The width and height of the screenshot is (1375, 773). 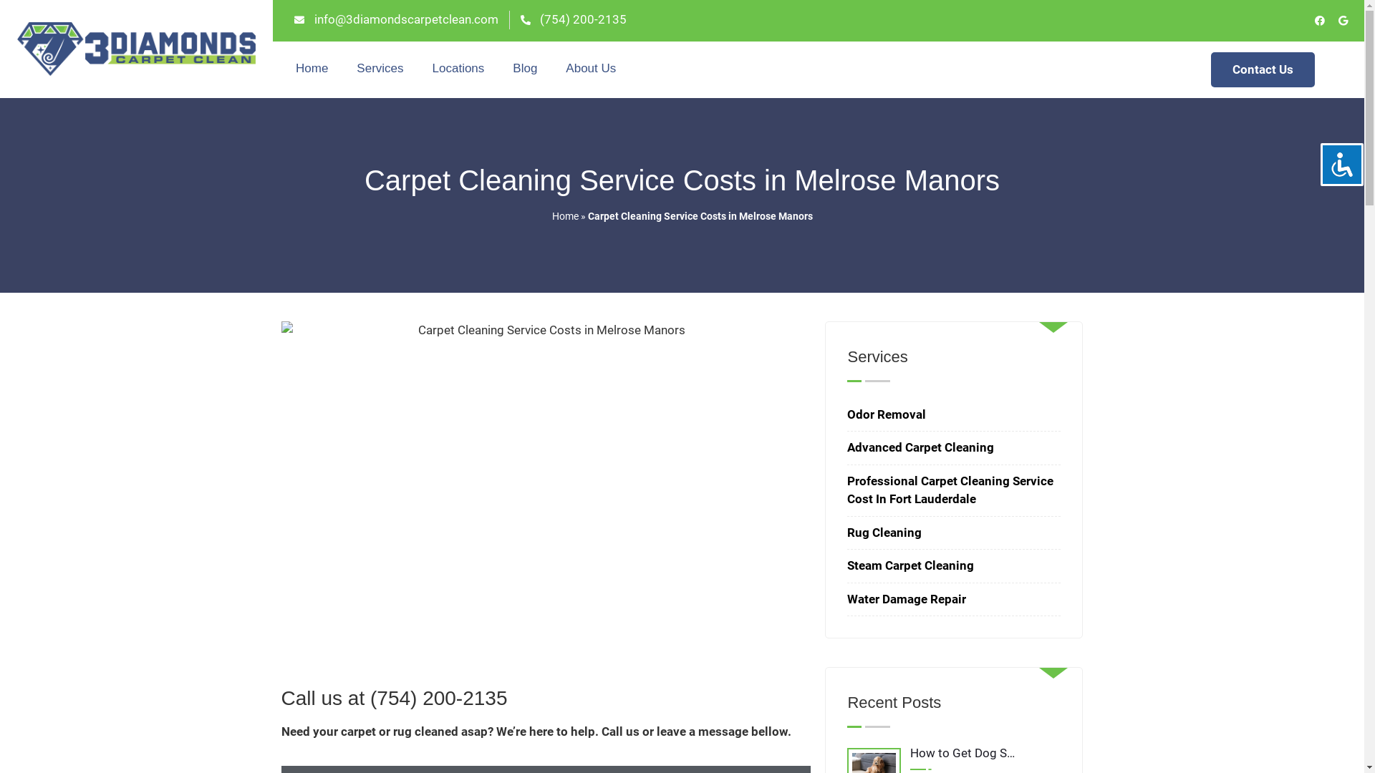 I want to click on 'Contact Us', so click(x=1263, y=69).